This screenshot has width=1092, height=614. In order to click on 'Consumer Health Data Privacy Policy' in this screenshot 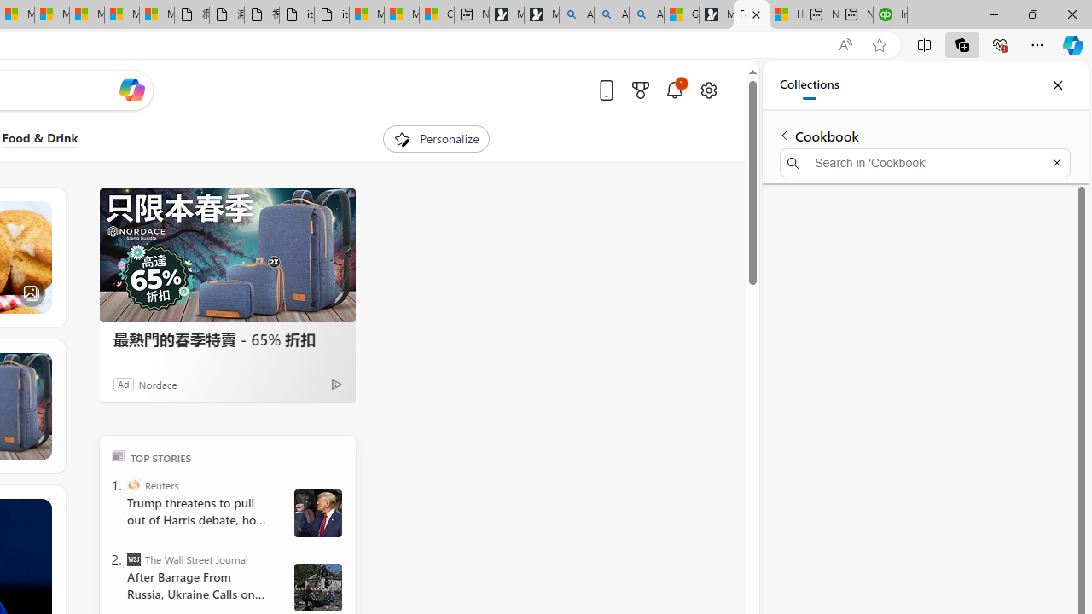, I will do `click(437, 14)`.